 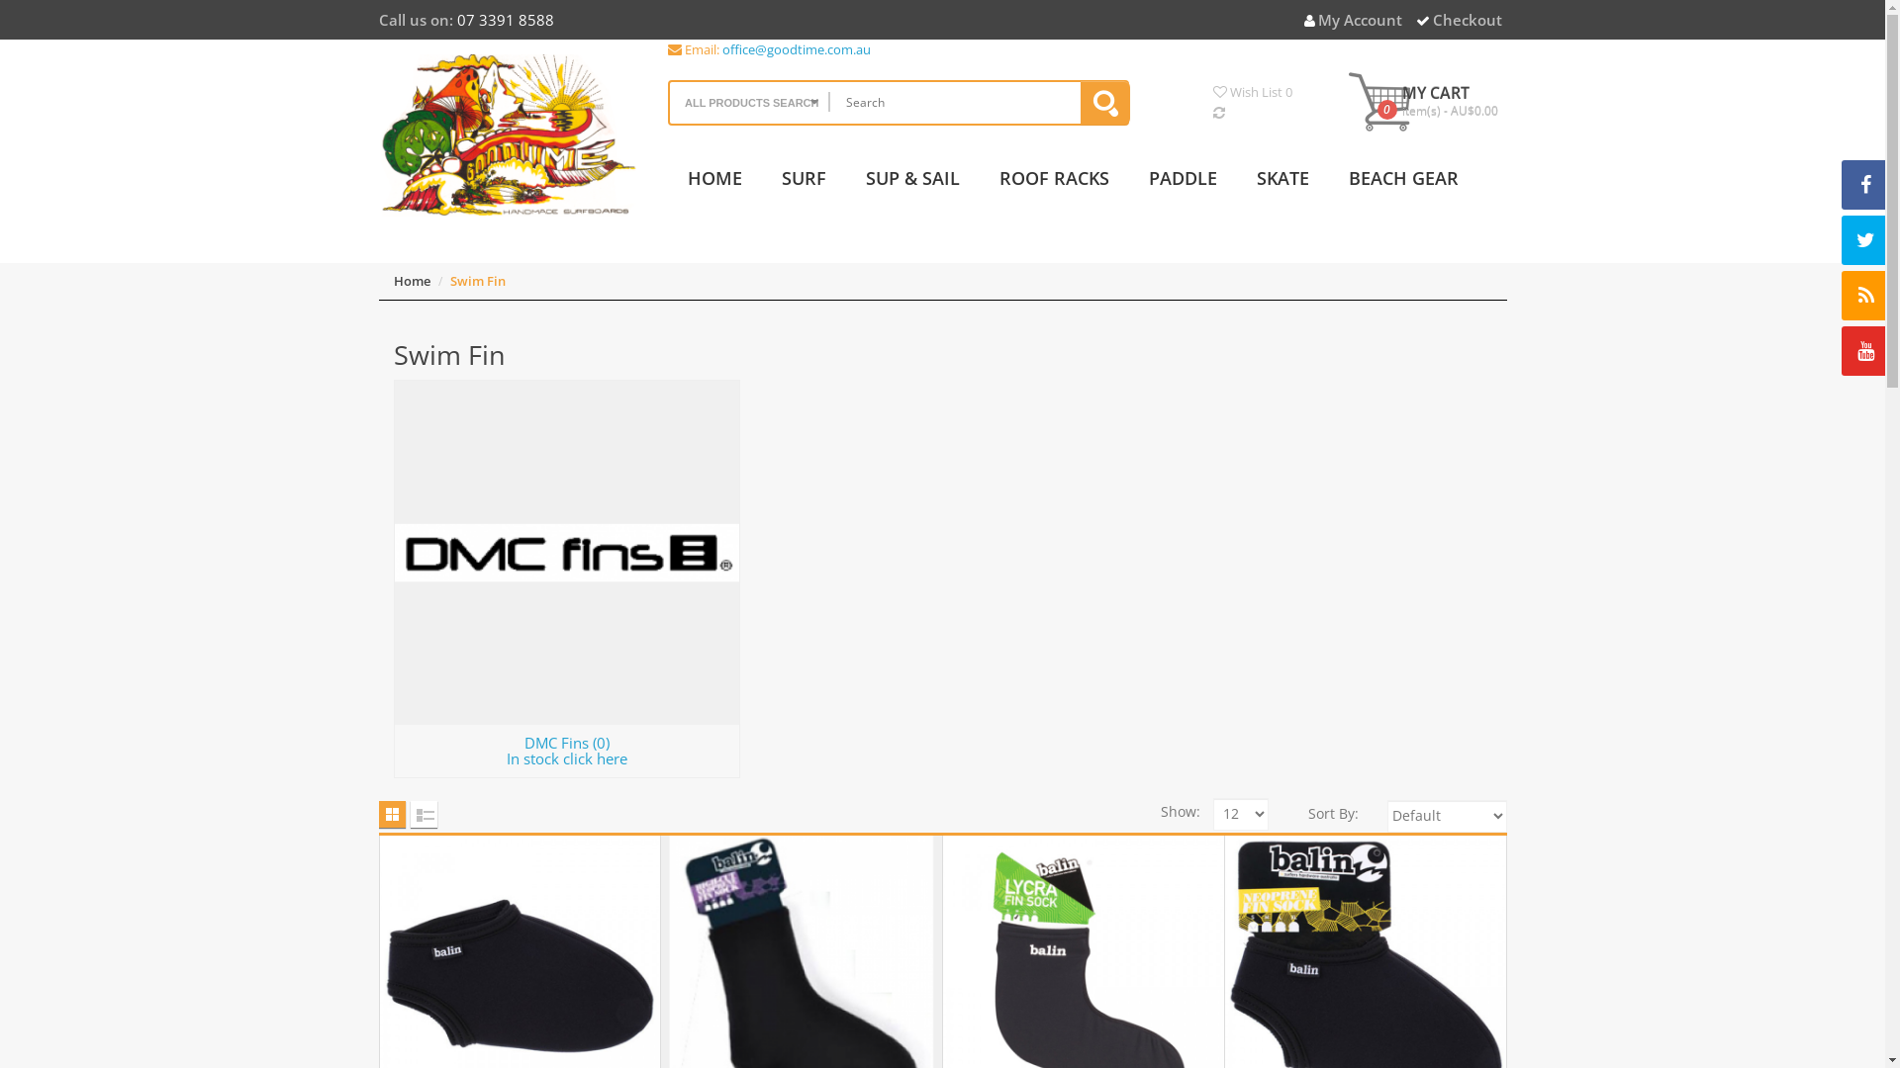 I want to click on 'Call us on:', so click(x=414, y=19).